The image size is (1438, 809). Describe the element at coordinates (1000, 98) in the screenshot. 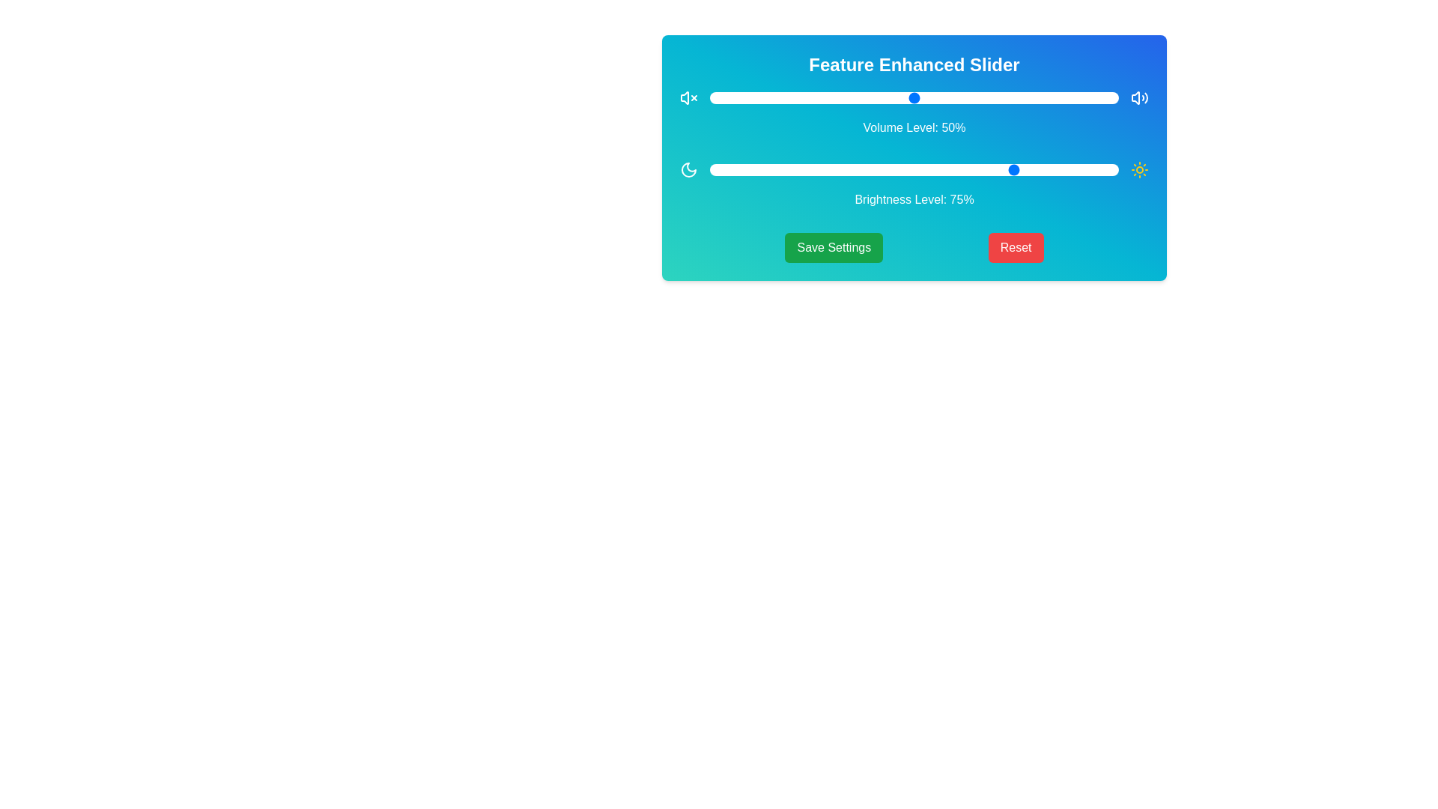

I see `volume` at that location.